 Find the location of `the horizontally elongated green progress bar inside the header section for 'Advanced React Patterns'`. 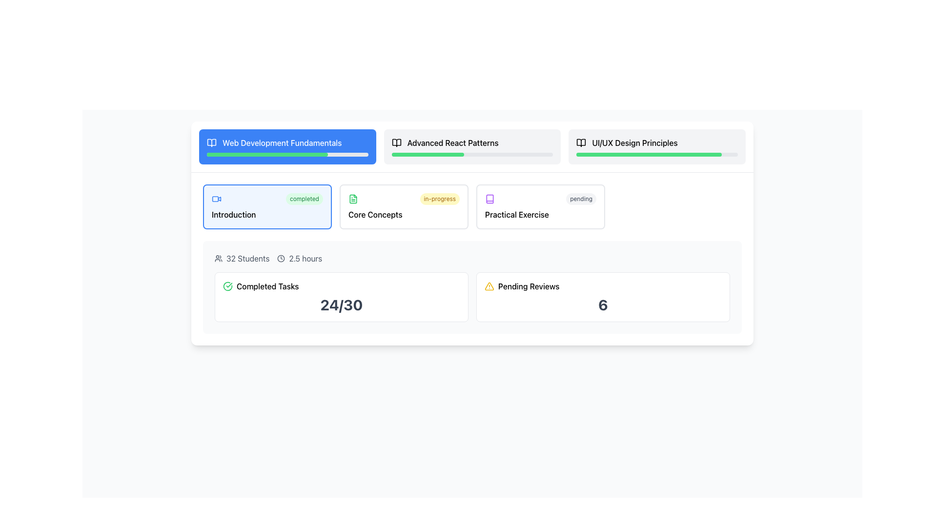

the horizontally elongated green progress bar inside the header section for 'Advanced React Patterns' is located at coordinates (428, 154).